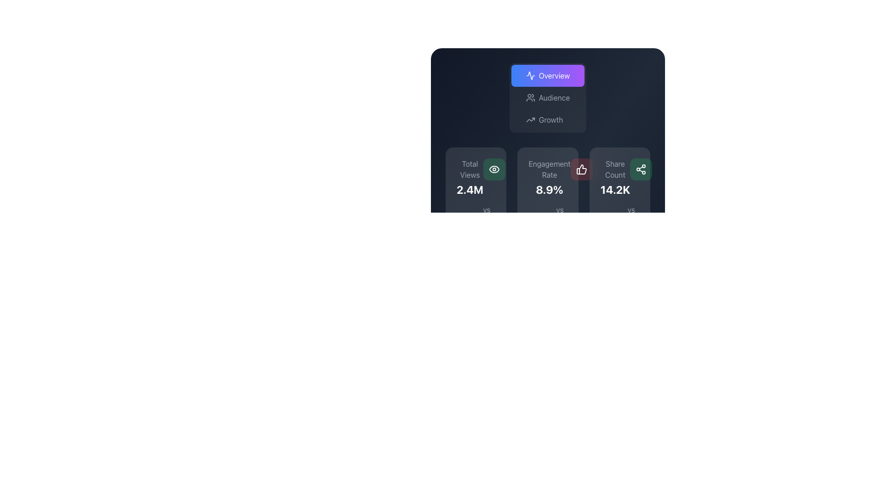 This screenshot has height=496, width=883. Describe the element at coordinates (476, 177) in the screenshot. I see `the numerical data presented by the 'Total Views' informational card, which displays '2.4M' in white text with an eye icon on a green background` at that location.